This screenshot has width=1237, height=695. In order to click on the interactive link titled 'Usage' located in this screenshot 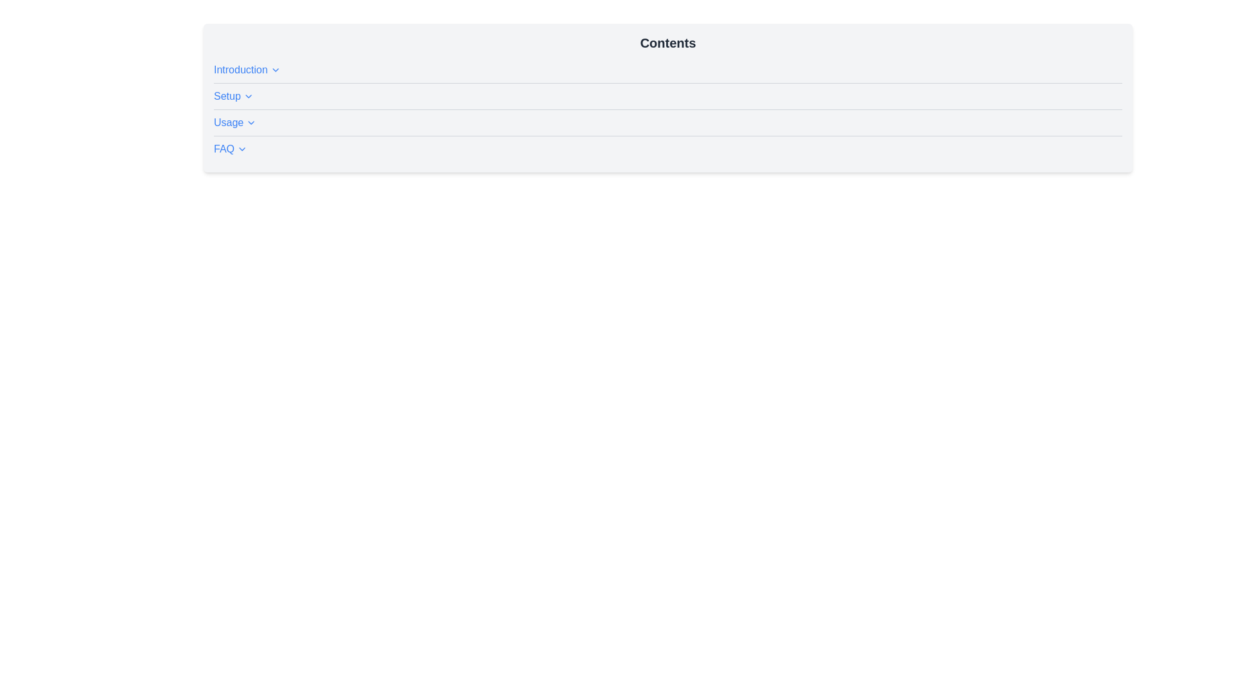, I will do `click(667, 123)`.